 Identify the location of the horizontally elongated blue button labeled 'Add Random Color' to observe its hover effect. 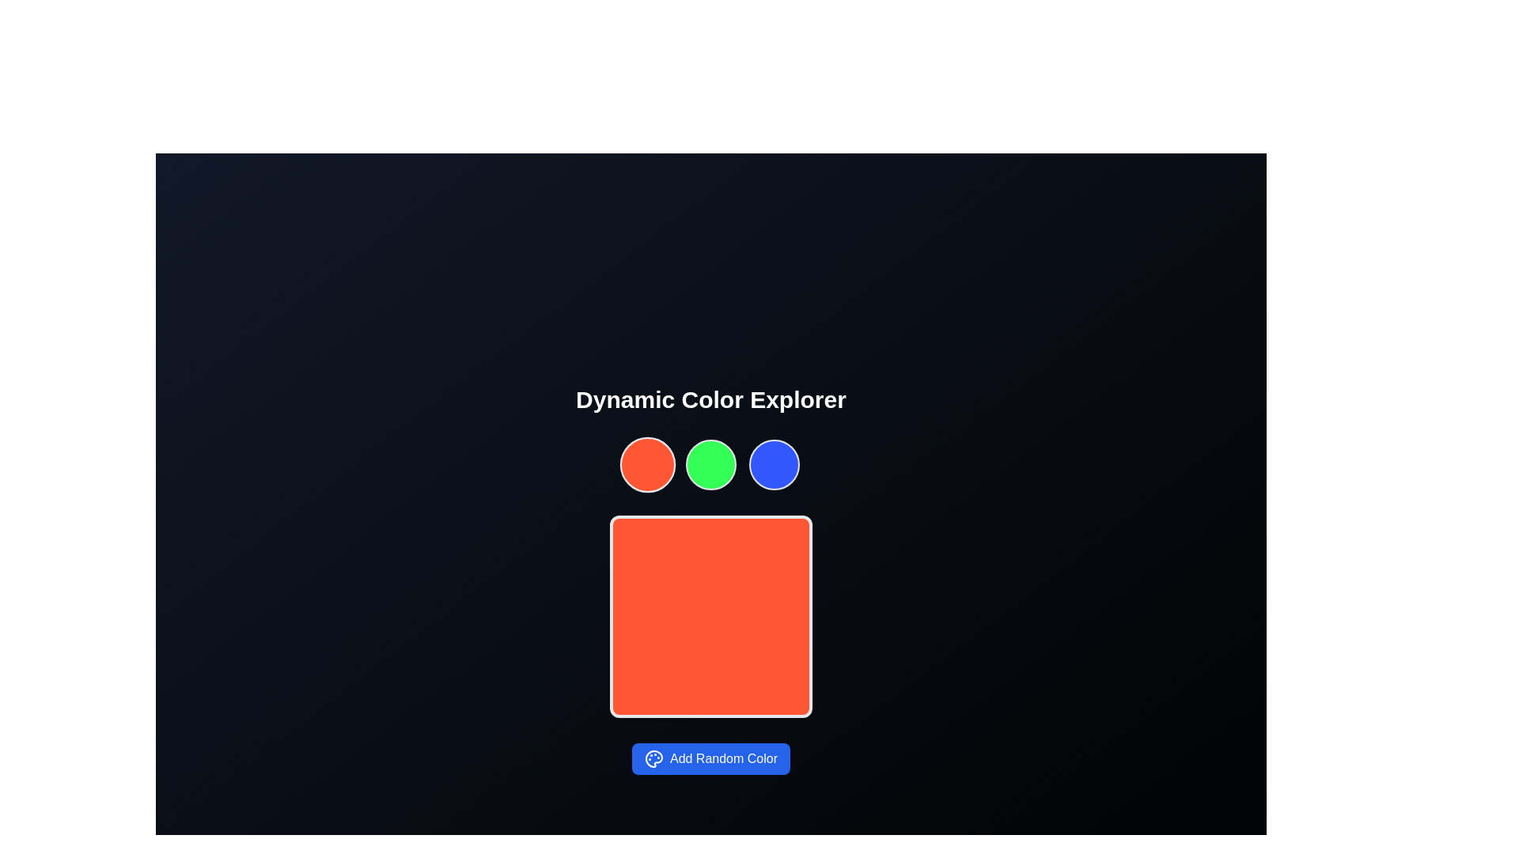
(710, 758).